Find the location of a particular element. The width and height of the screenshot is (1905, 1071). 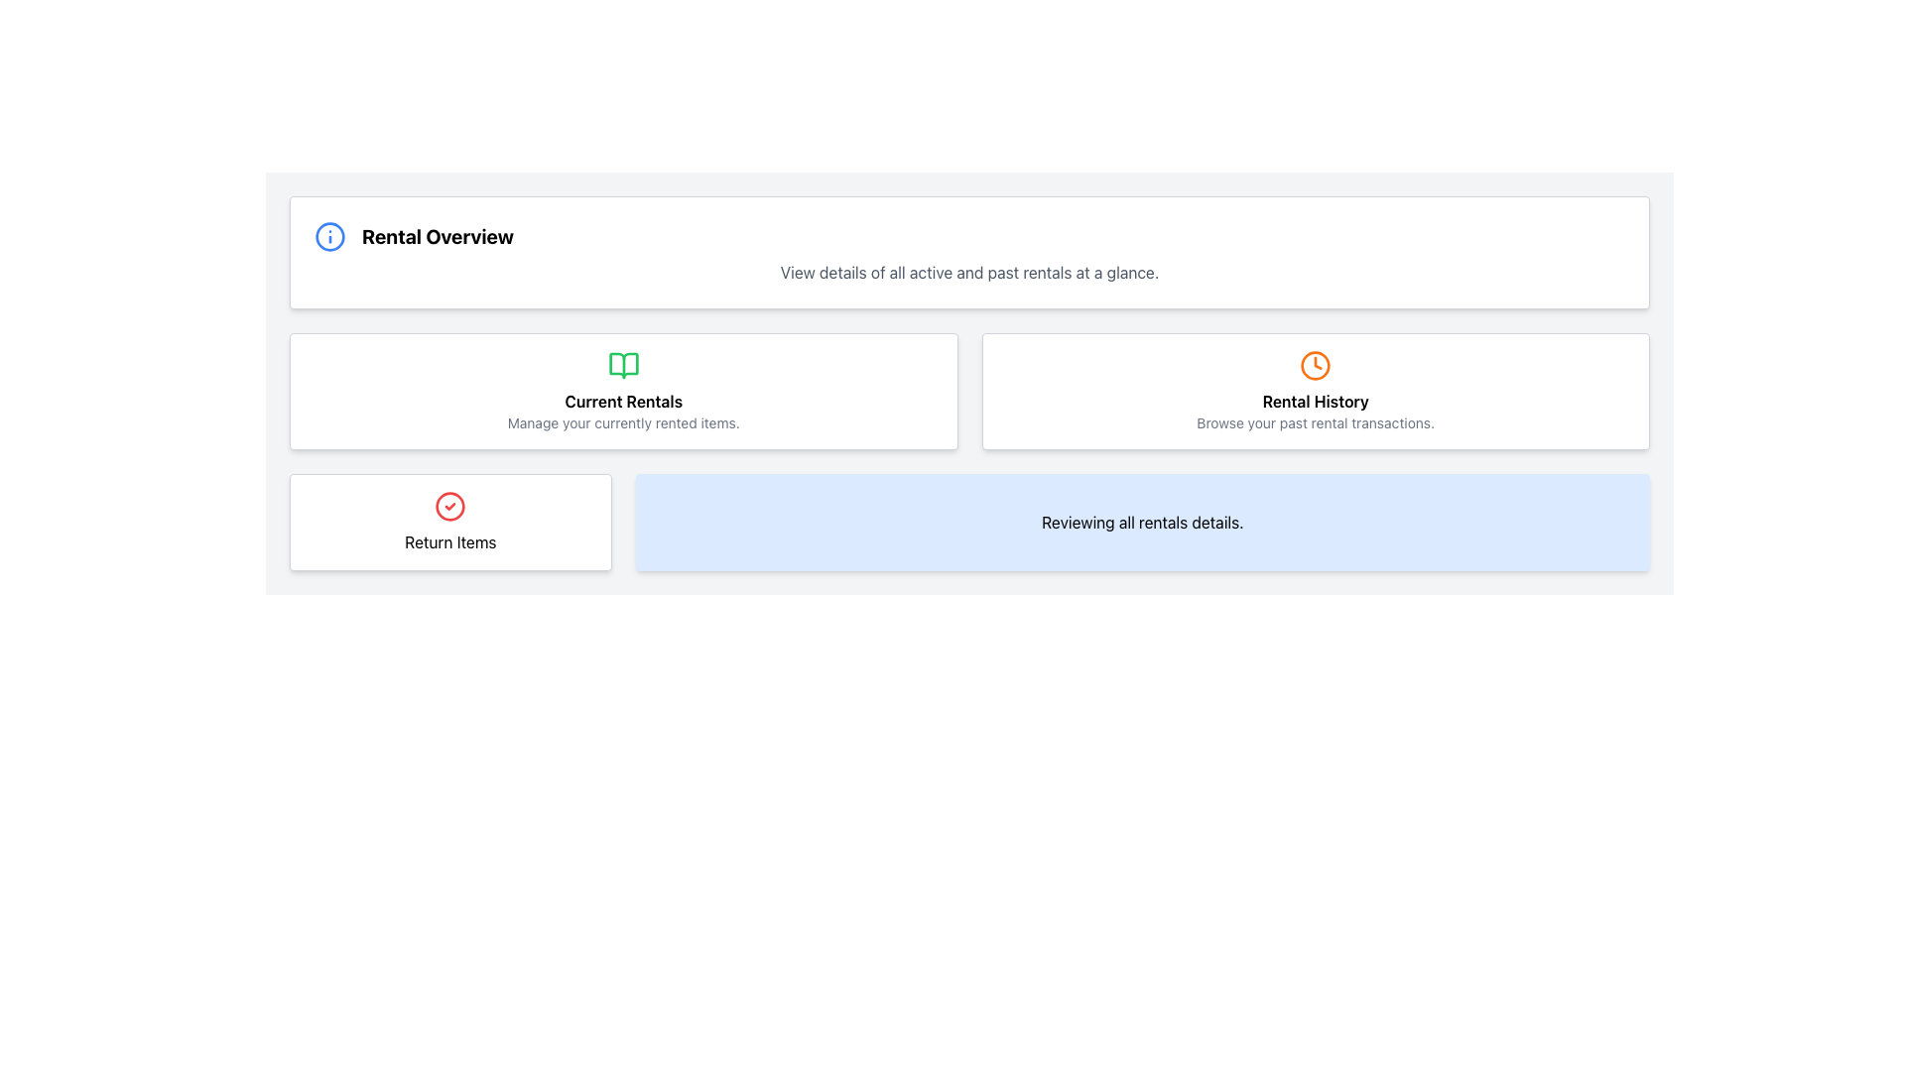

the green open book icon above the 'Current Rentals' text in the UI card component is located at coordinates (622, 366).